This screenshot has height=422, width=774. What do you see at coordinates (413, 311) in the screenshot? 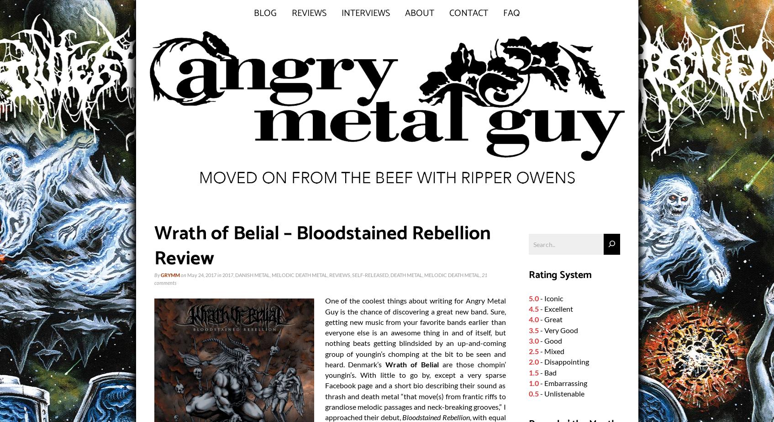
I see `'is the chance of discovering a great new band.'` at bounding box center [413, 311].